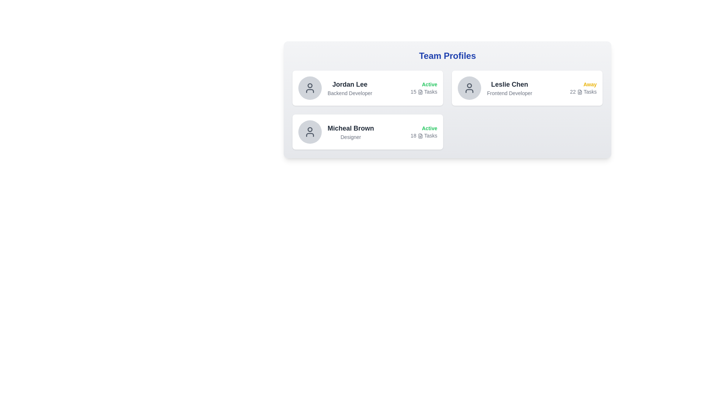  What do you see at coordinates (509, 87) in the screenshot?
I see `the text display containing the name 'Leslie Chen' and the occupation 'Frontend Developer', which is the third item in the 'Team Profiles' list` at bounding box center [509, 87].